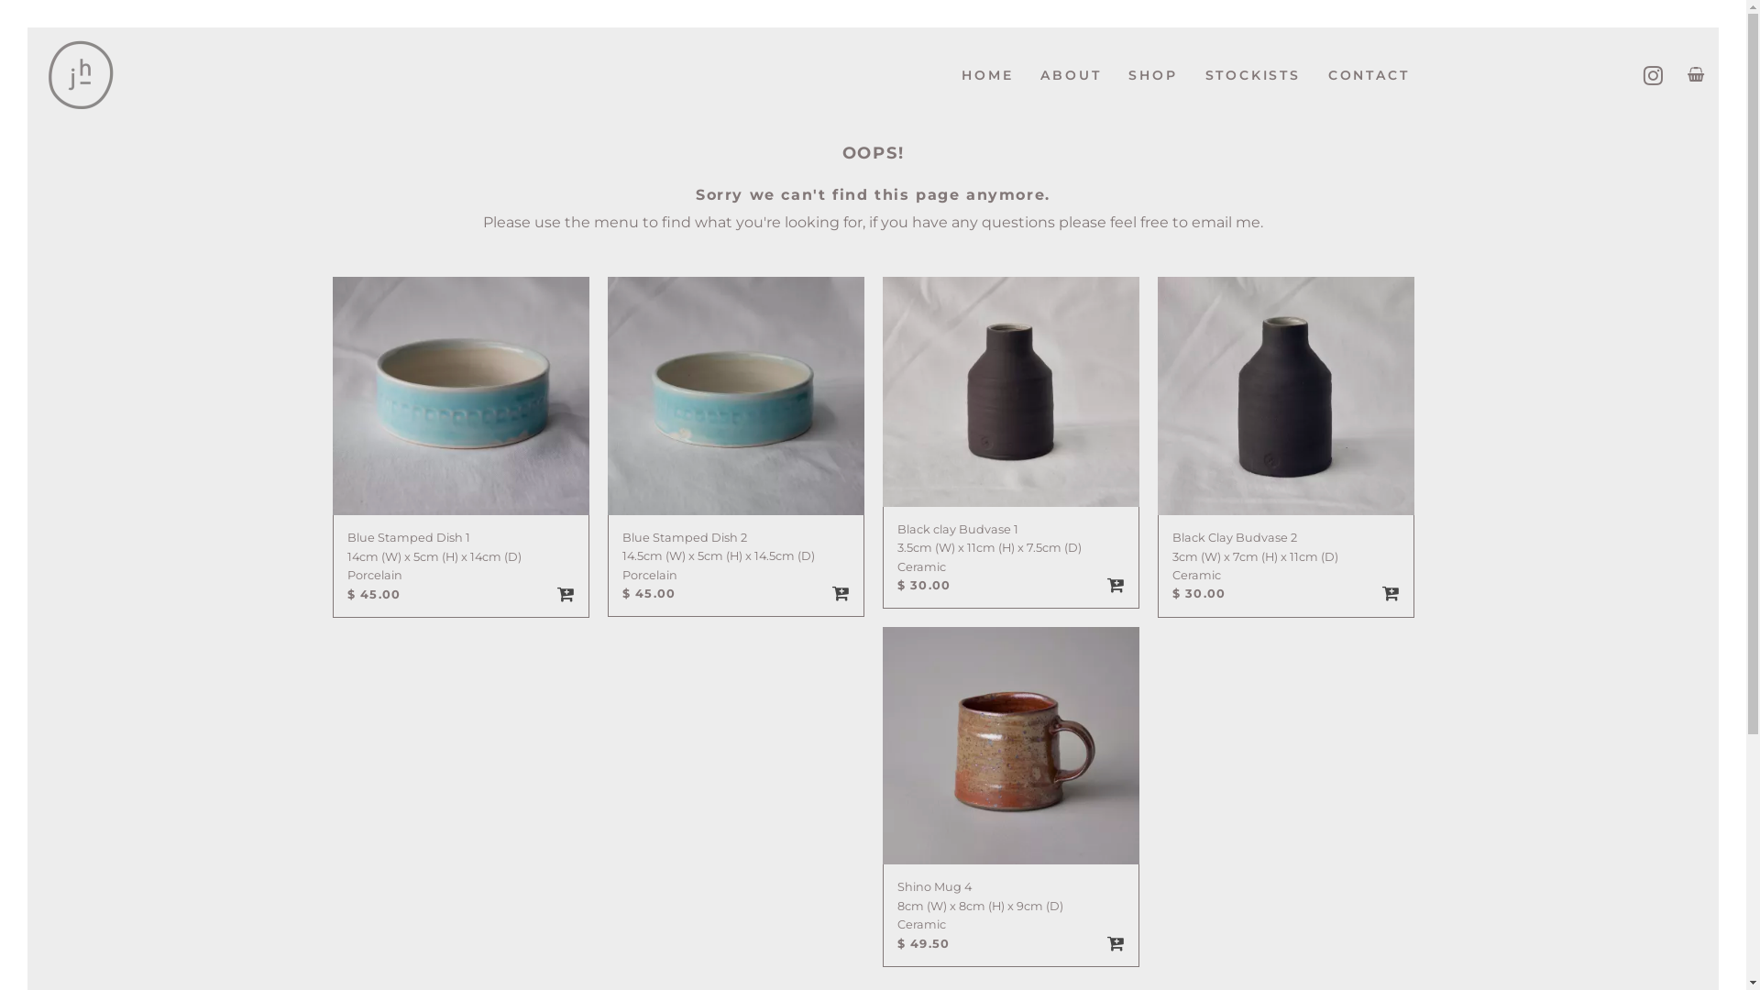 The width and height of the screenshot is (1760, 990). Describe the element at coordinates (1113, 74) in the screenshot. I see `'SHOP'` at that location.